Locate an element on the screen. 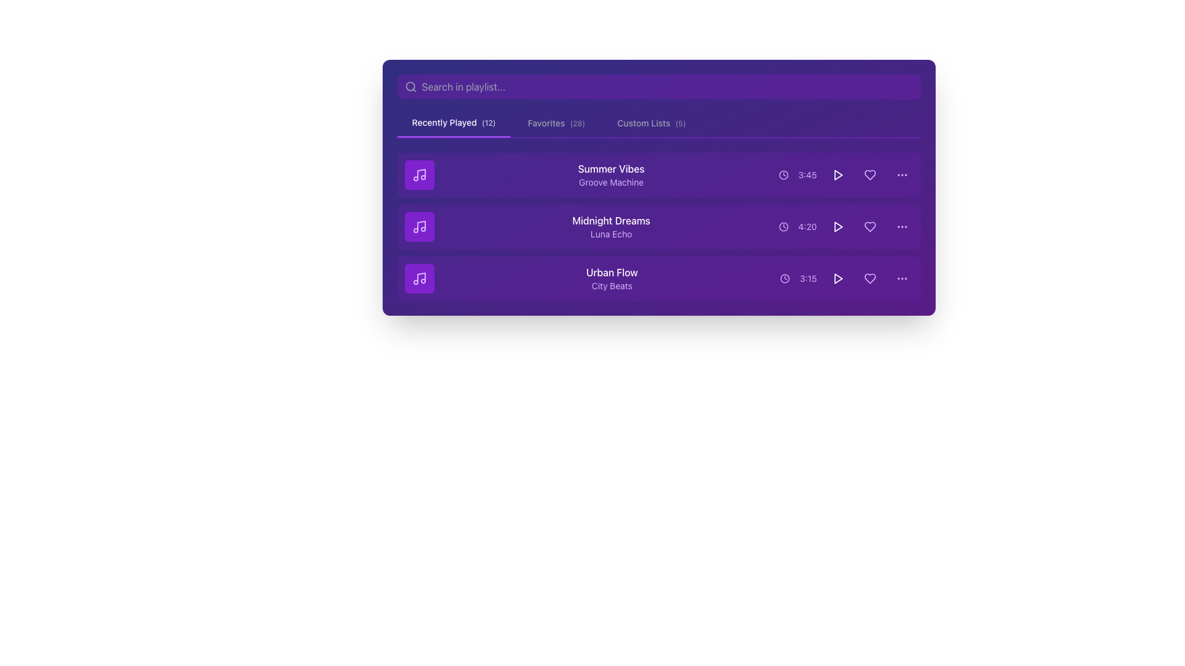 The width and height of the screenshot is (1185, 666). the ellipsis menu icon located at the end of the last item in the vertical list of tracks, which presents additional options related to the track item is located at coordinates (902, 278).